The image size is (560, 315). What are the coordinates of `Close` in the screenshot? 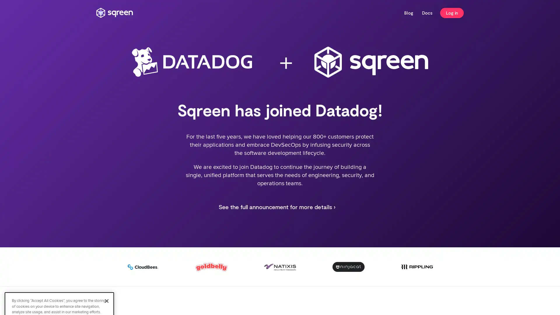 It's located at (106, 248).